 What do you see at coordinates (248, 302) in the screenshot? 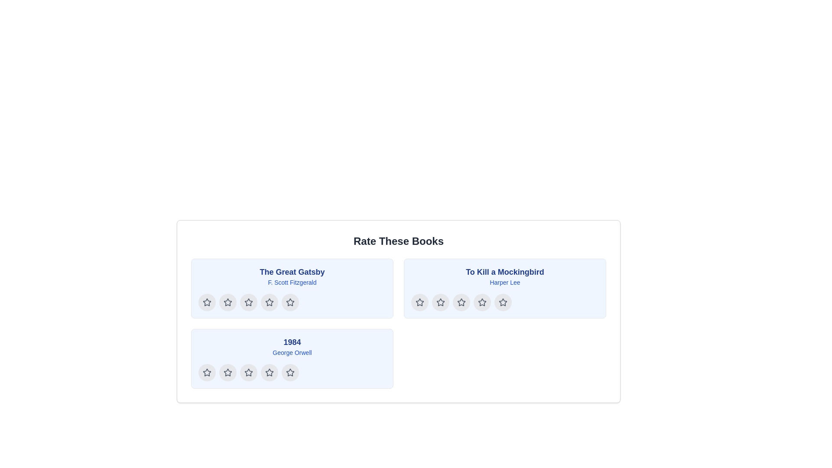
I see `the star icon` at bounding box center [248, 302].